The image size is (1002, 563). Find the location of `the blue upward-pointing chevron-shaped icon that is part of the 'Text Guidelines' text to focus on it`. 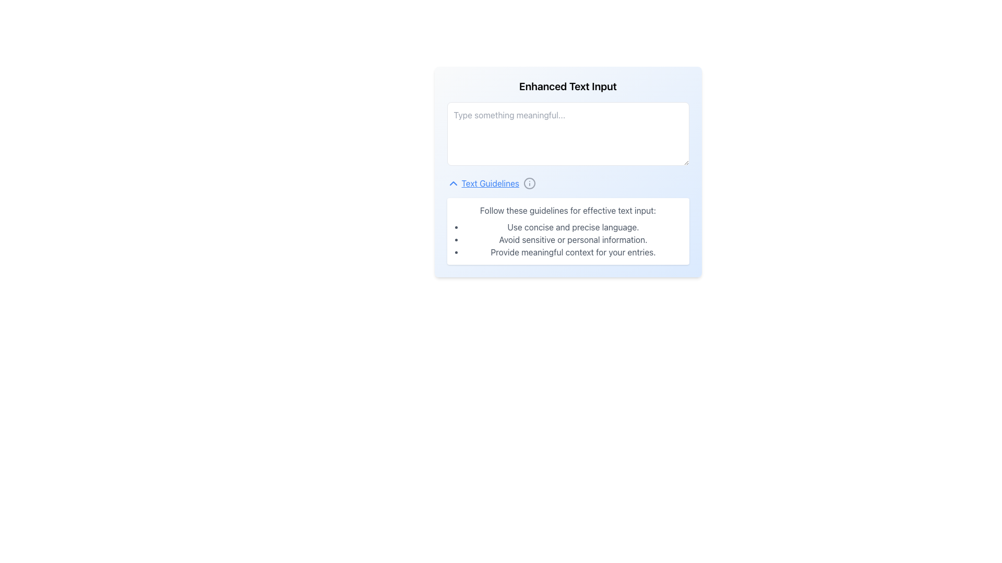

the blue upward-pointing chevron-shaped icon that is part of the 'Text Guidelines' text to focus on it is located at coordinates (453, 182).